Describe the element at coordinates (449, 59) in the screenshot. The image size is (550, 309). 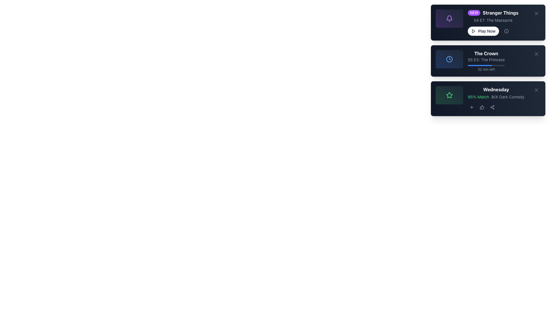
I see `the circular clock icon within the dark blue rectangular card that represents 'The Crown'` at that location.